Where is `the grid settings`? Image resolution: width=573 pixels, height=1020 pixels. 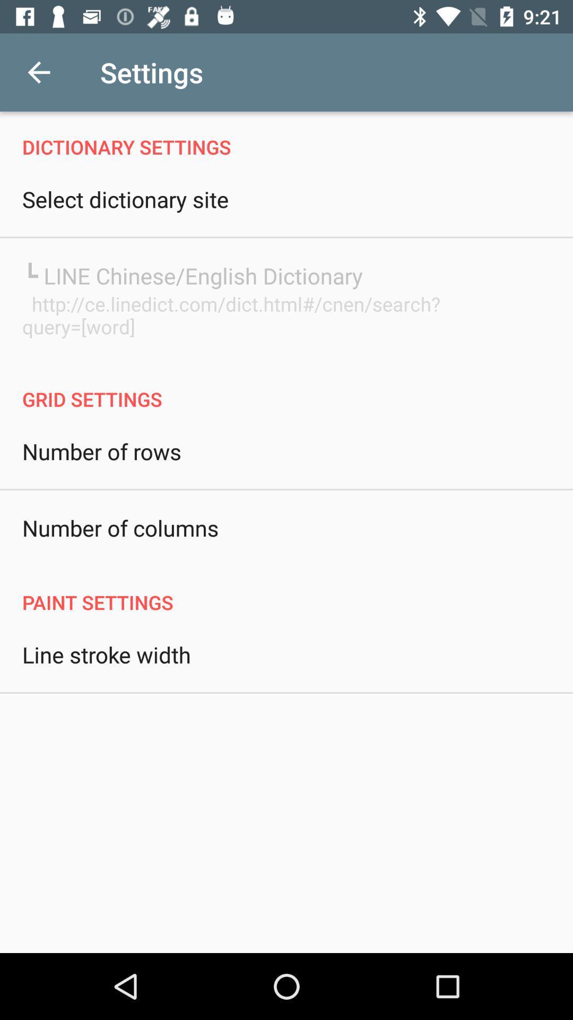 the grid settings is located at coordinates (286, 387).